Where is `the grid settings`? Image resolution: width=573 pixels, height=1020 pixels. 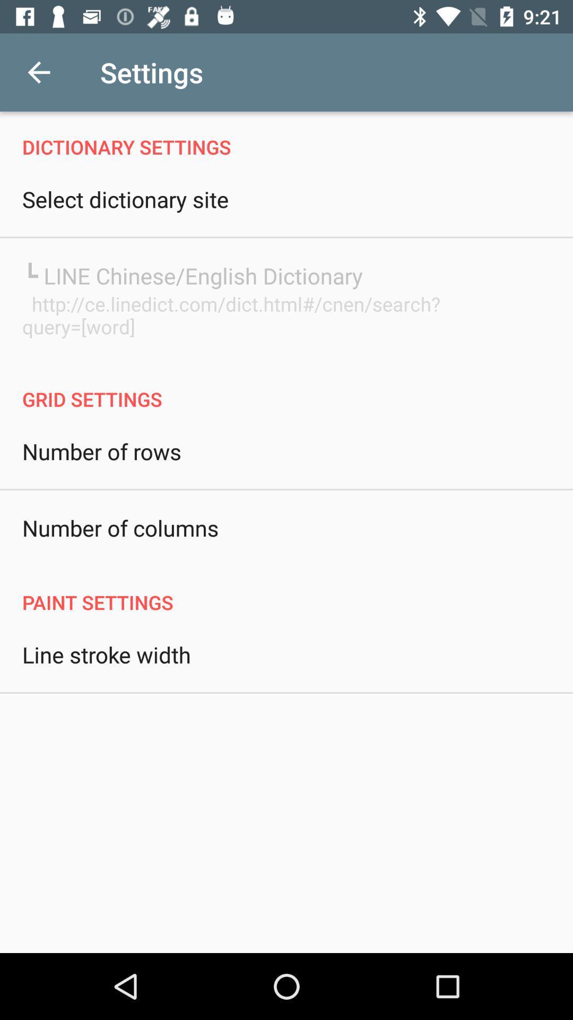 the grid settings is located at coordinates (286, 387).